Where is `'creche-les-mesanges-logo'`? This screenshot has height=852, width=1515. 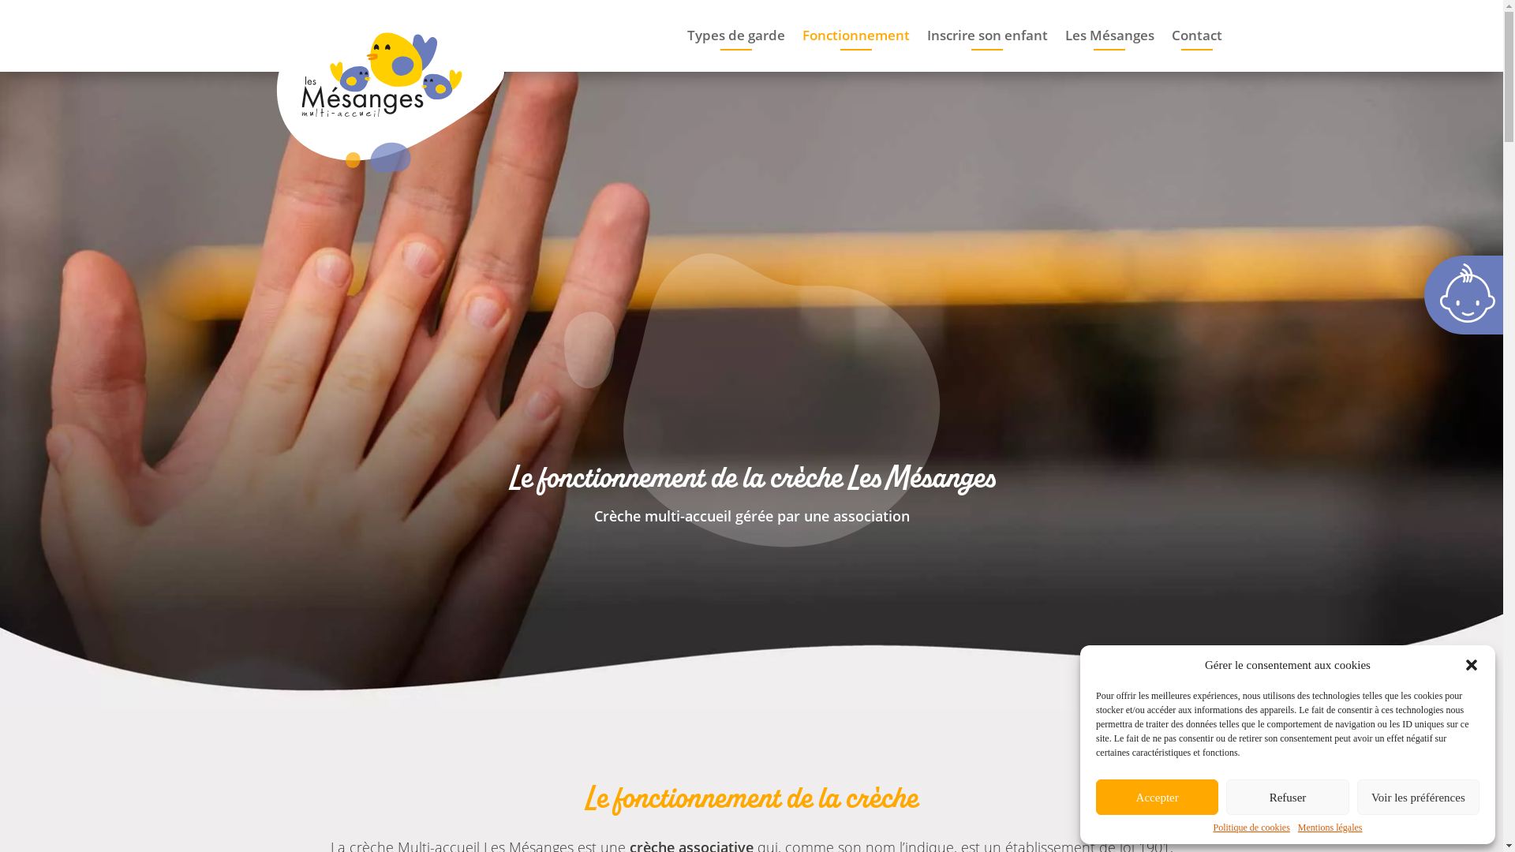 'creche-les-mesanges-logo' is located at coordinates (390, 89).